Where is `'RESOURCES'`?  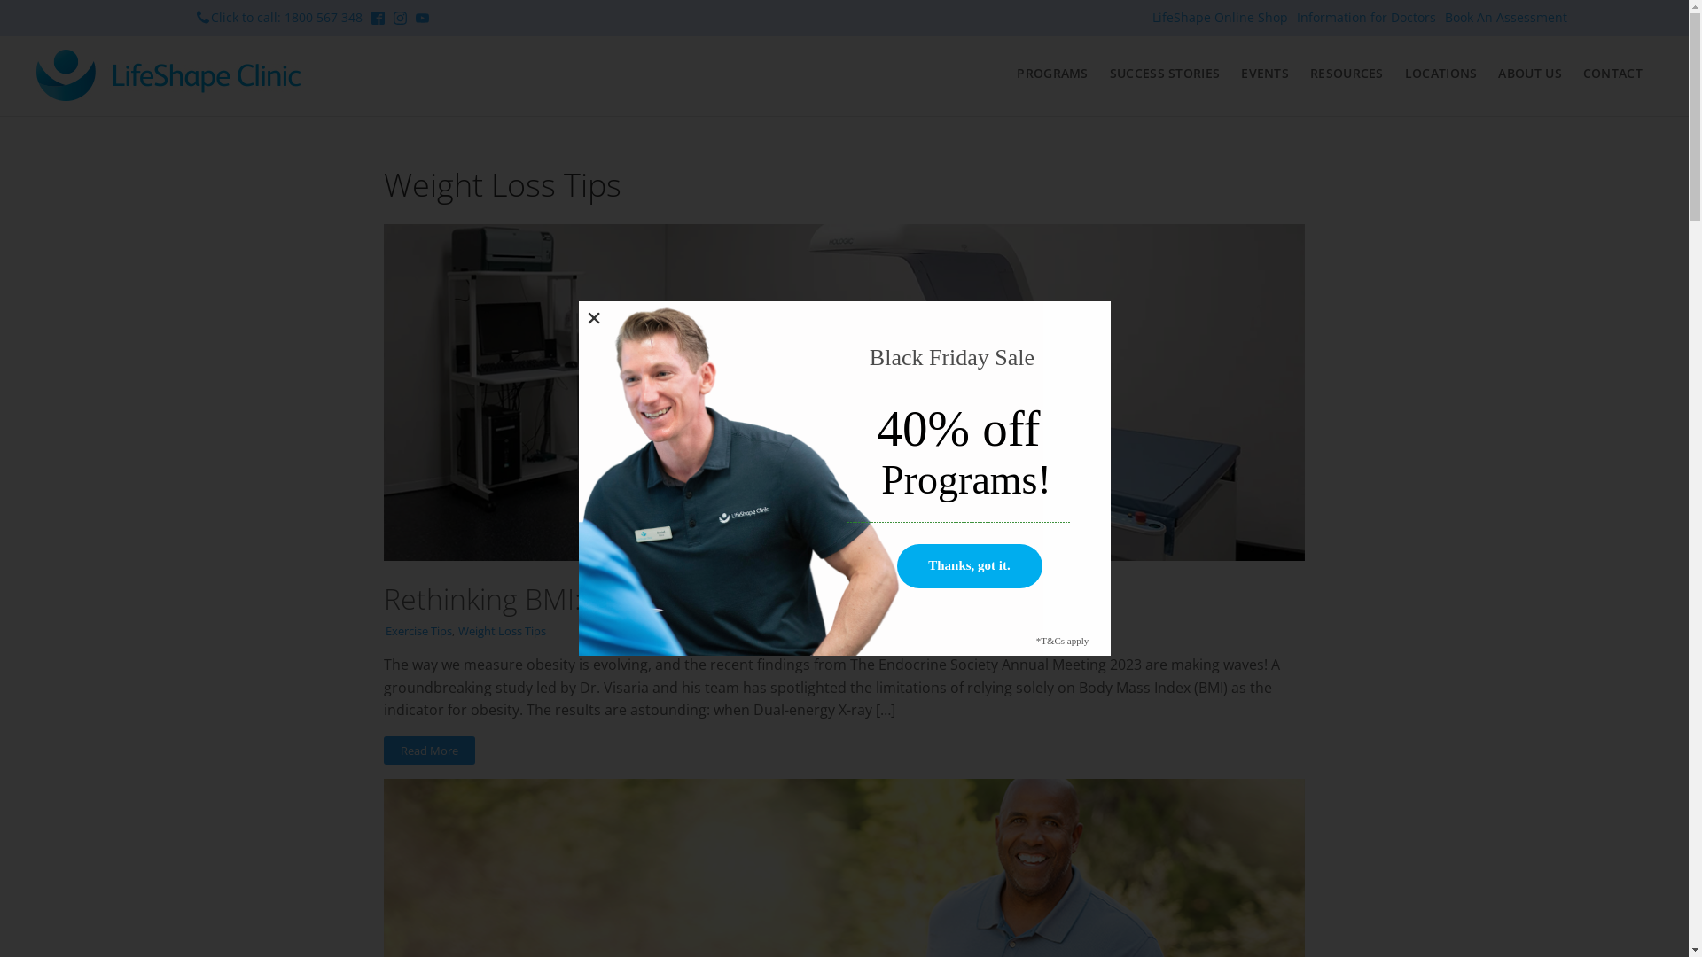 'RESOURCES' is located at coordinates (1347, 73).